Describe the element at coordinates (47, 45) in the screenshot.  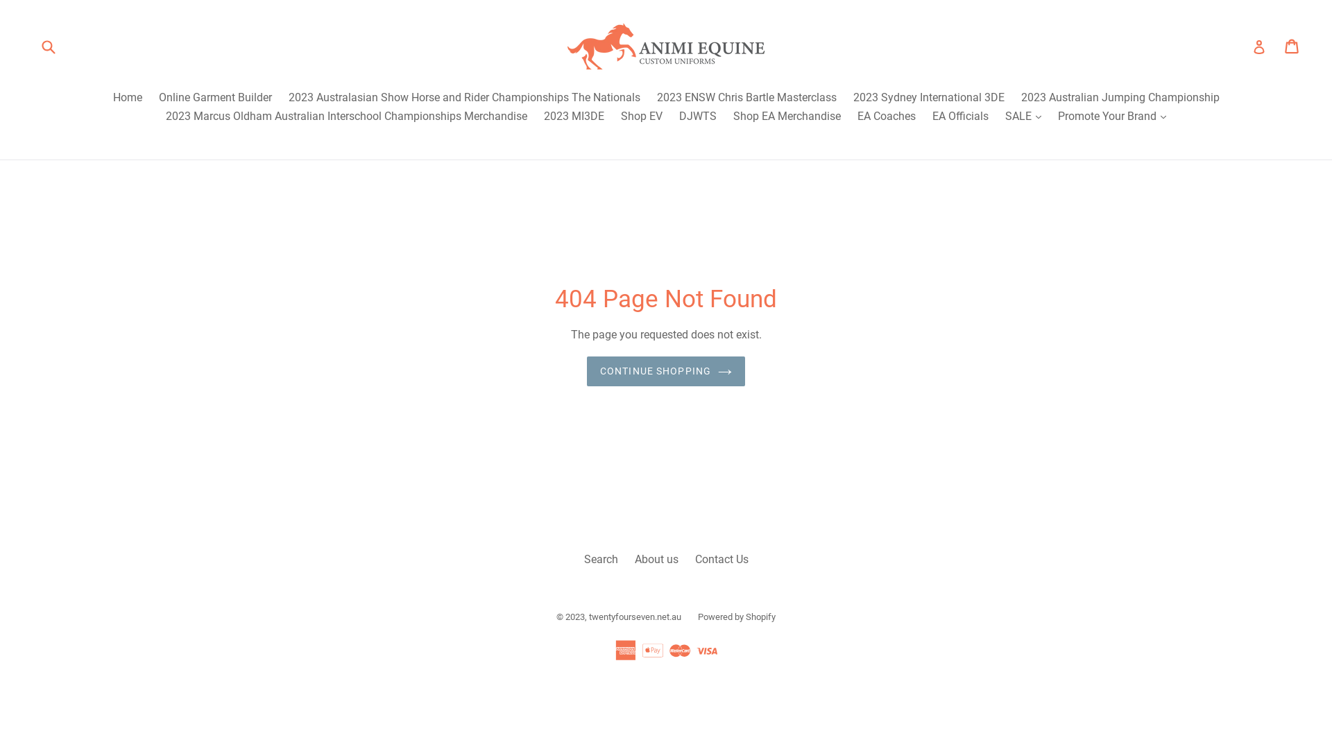
I see `'Submit'` at that location.